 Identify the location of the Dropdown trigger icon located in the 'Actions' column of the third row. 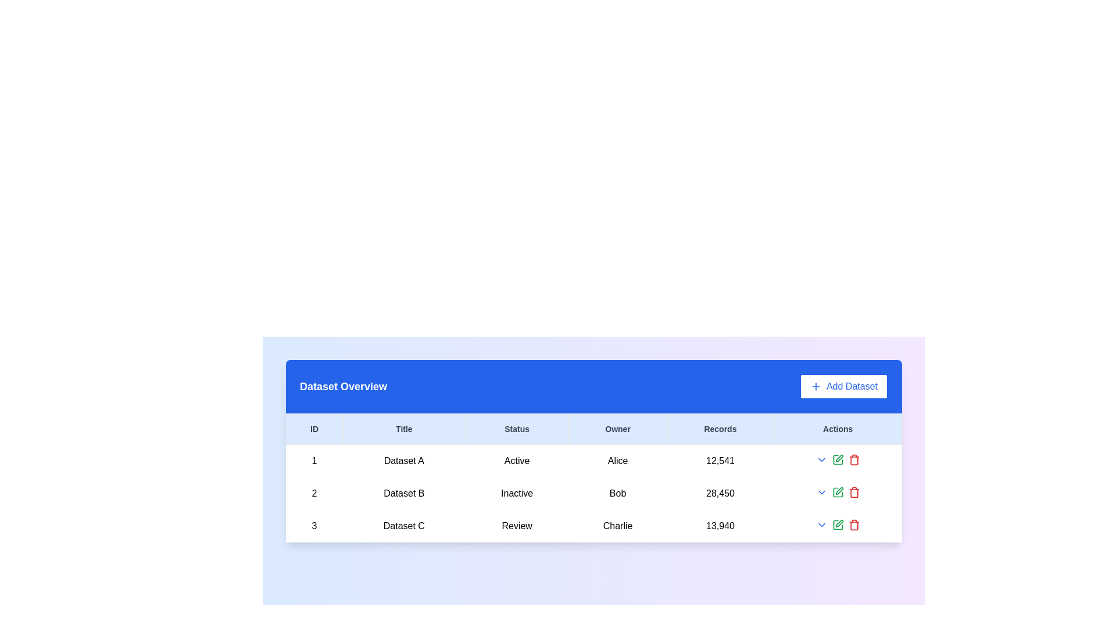
(821, 524).